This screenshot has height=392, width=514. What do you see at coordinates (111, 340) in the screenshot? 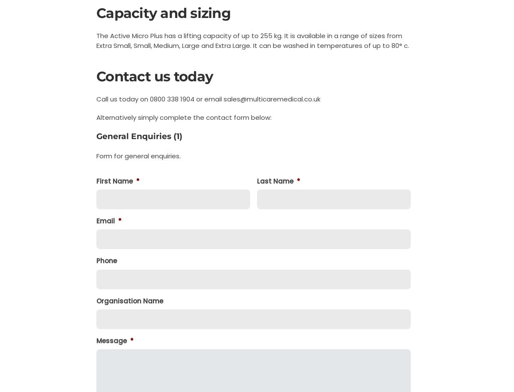
I see `'Message'` at bounding box center [111, 340].